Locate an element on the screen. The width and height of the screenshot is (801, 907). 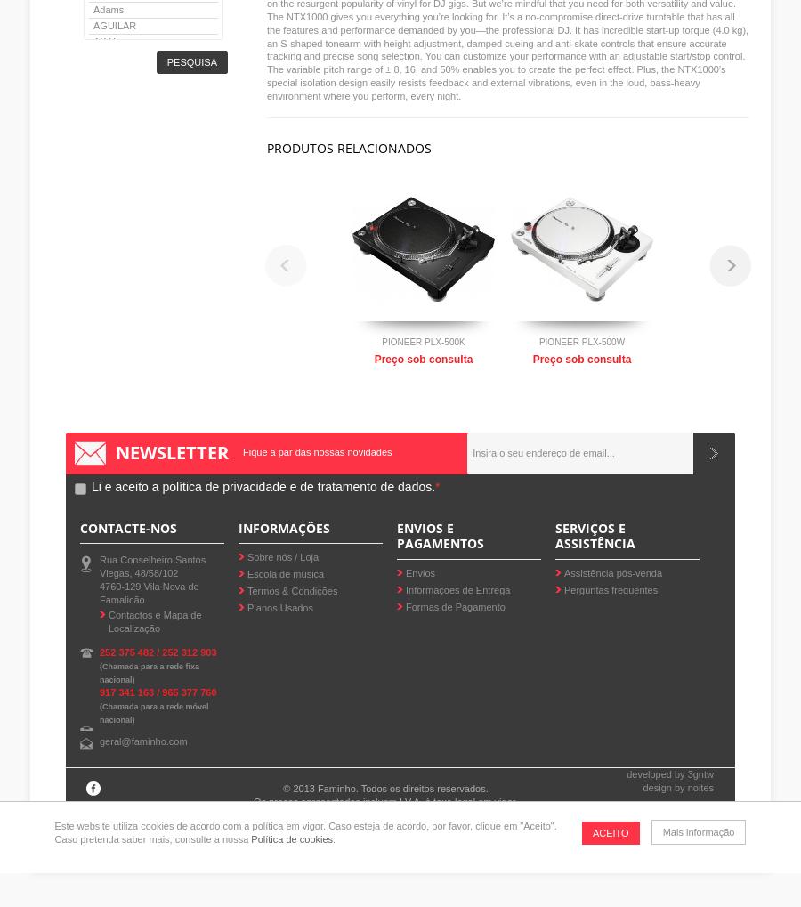
'Contactos e Mapa de Localização' is located at coordinates (154, 620).